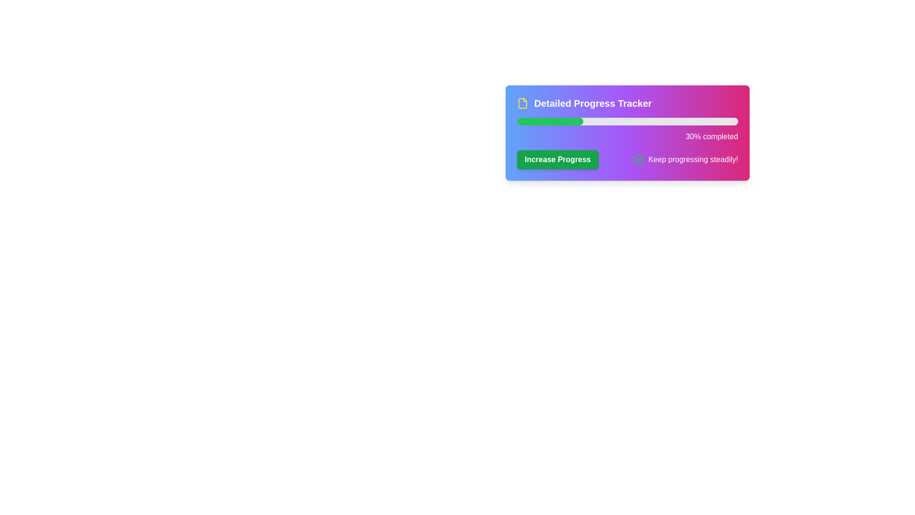 The width and height of the screenshot is (915, 515). I want to click on the text label that serves as the title for the card, which is located at the top of the card-like component with a gradient background, aligned to the left and preceded by a document icon, so click(627, 103).